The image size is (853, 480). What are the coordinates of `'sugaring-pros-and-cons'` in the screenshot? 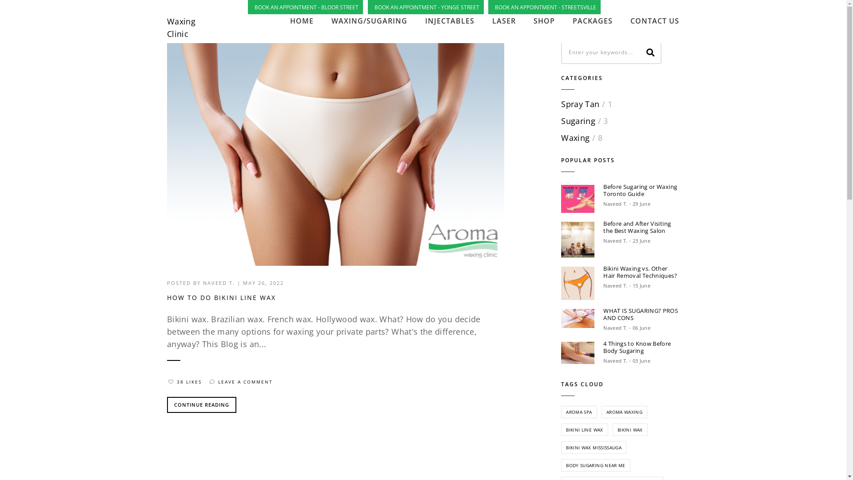 It's located at (578, 318).